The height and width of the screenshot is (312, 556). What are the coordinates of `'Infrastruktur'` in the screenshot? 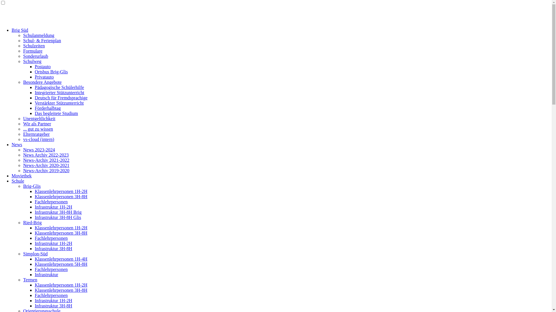 It's located at (46, 274).